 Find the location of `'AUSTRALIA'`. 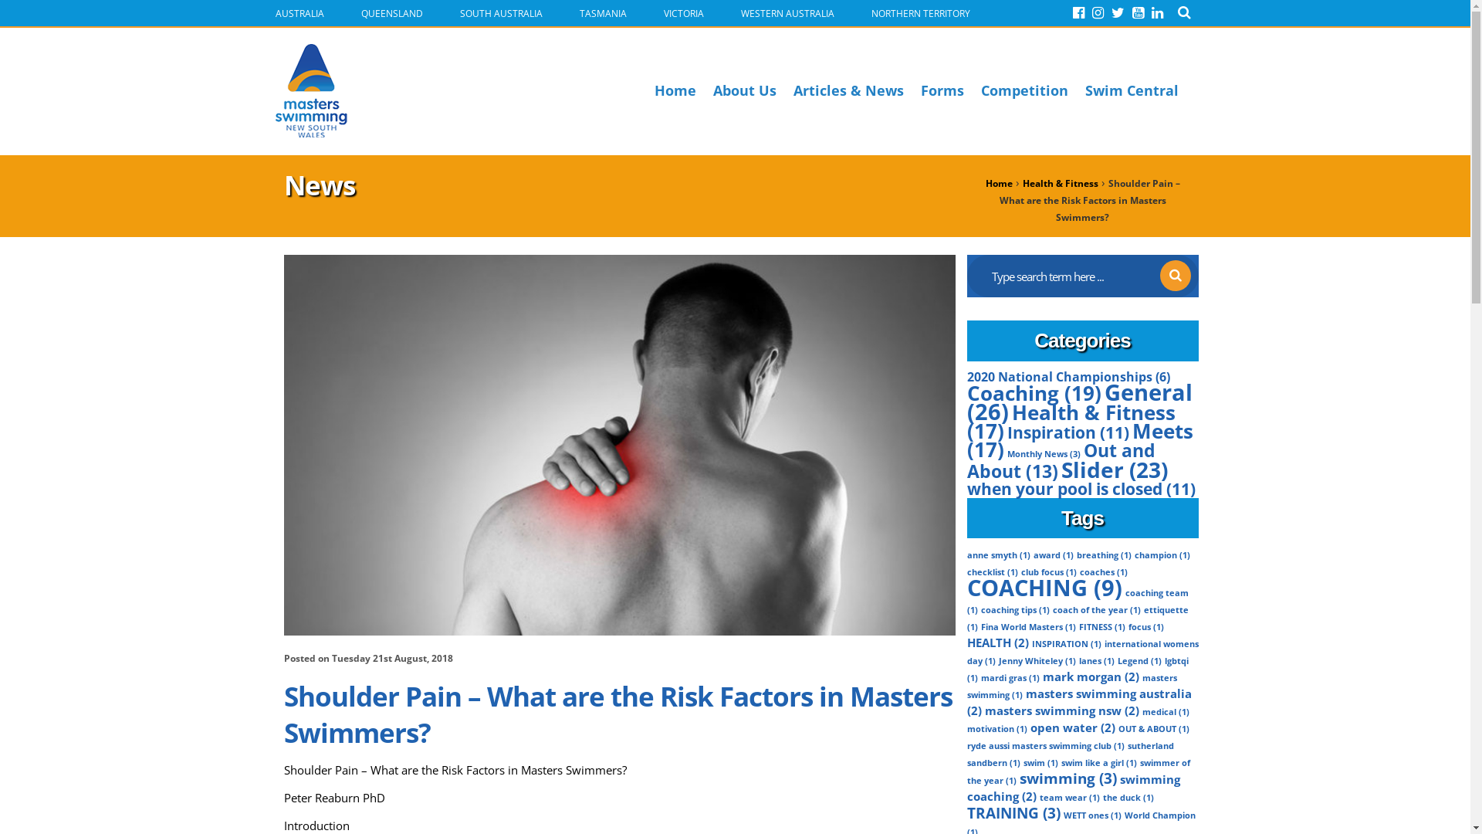

'AUSTRALIA' is located at coordinates (271, 12).